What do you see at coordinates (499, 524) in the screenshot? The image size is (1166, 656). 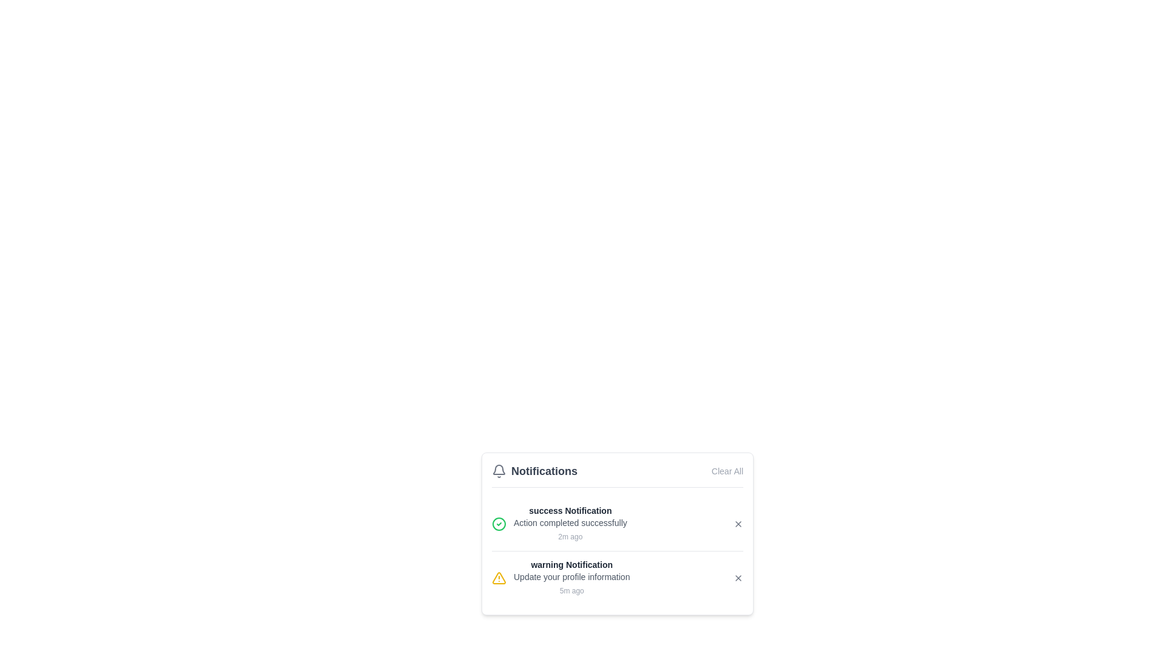 I see `the circular icon with a green border and a checkmark inside, which indicates successful completion, located in the notification card next to the 'success Notification' text` at bounding box center [499, 524].